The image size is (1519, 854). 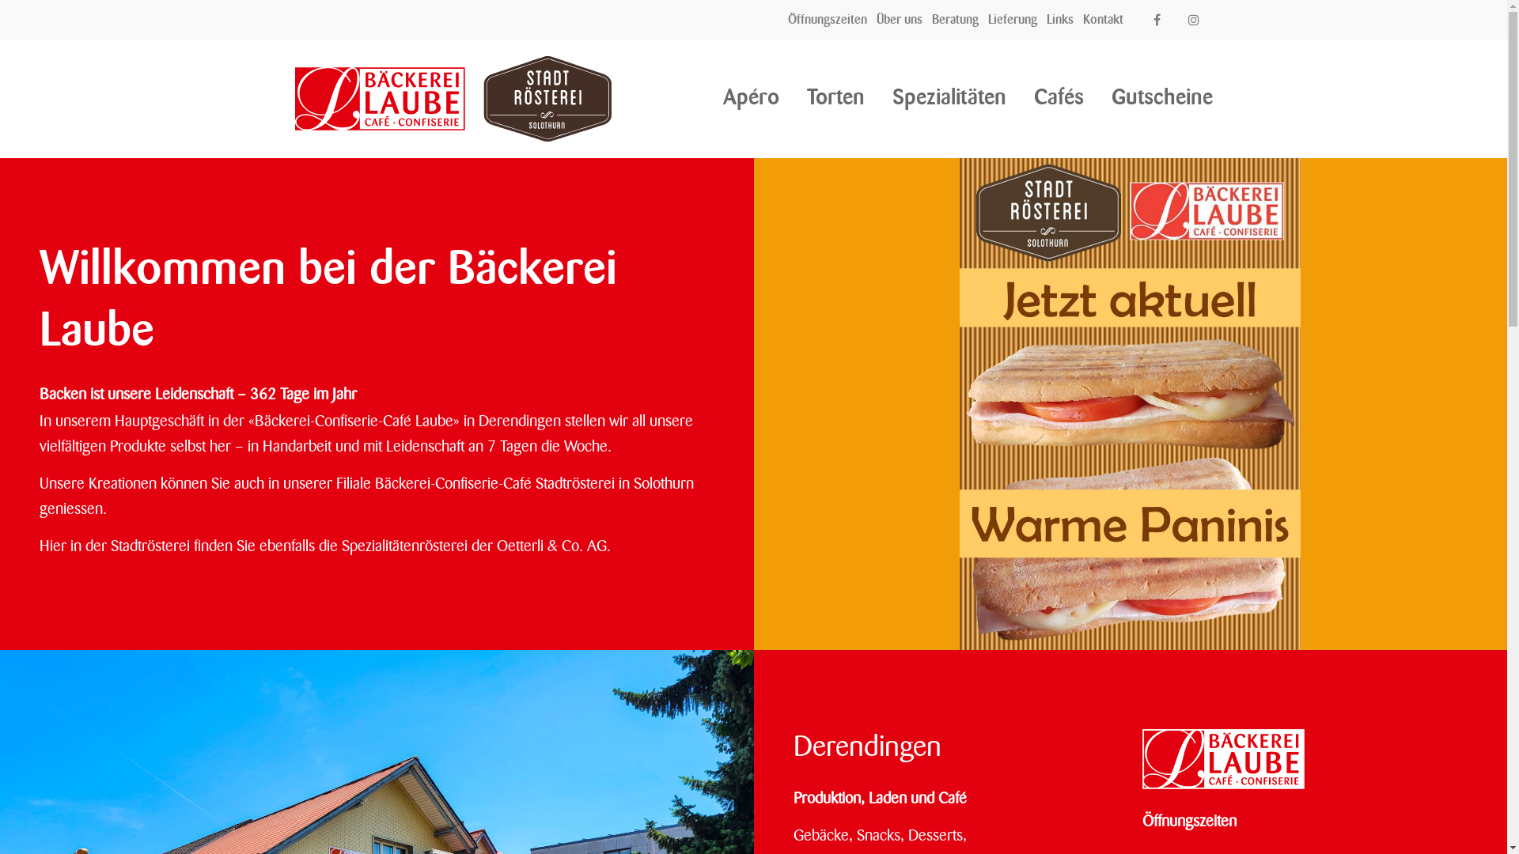 What do you see at coordinates (1059, 19) in the screenshot?
I see `'Links'` at bounding box center [1059, 19].